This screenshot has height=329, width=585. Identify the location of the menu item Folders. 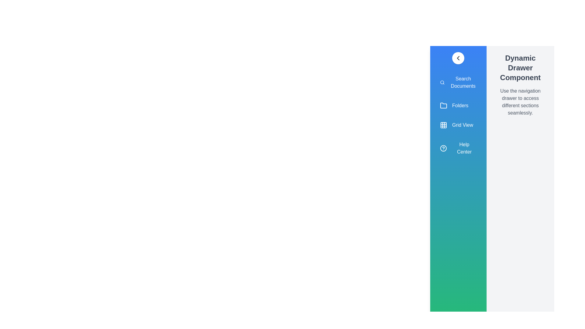
(458, 105).